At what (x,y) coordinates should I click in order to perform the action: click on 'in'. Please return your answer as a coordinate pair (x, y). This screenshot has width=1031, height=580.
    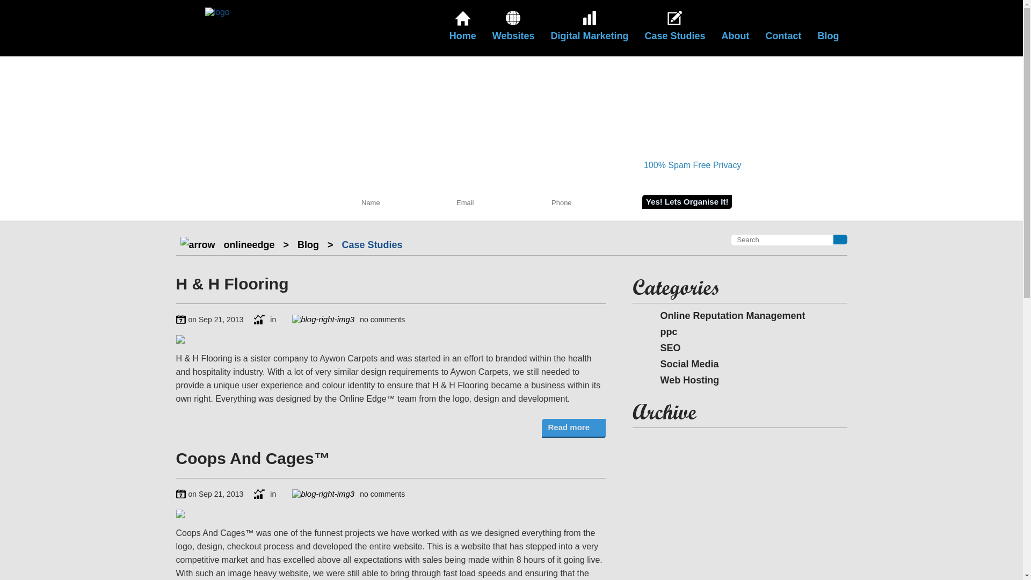
    Looking at the image, I should click on (265, 318).